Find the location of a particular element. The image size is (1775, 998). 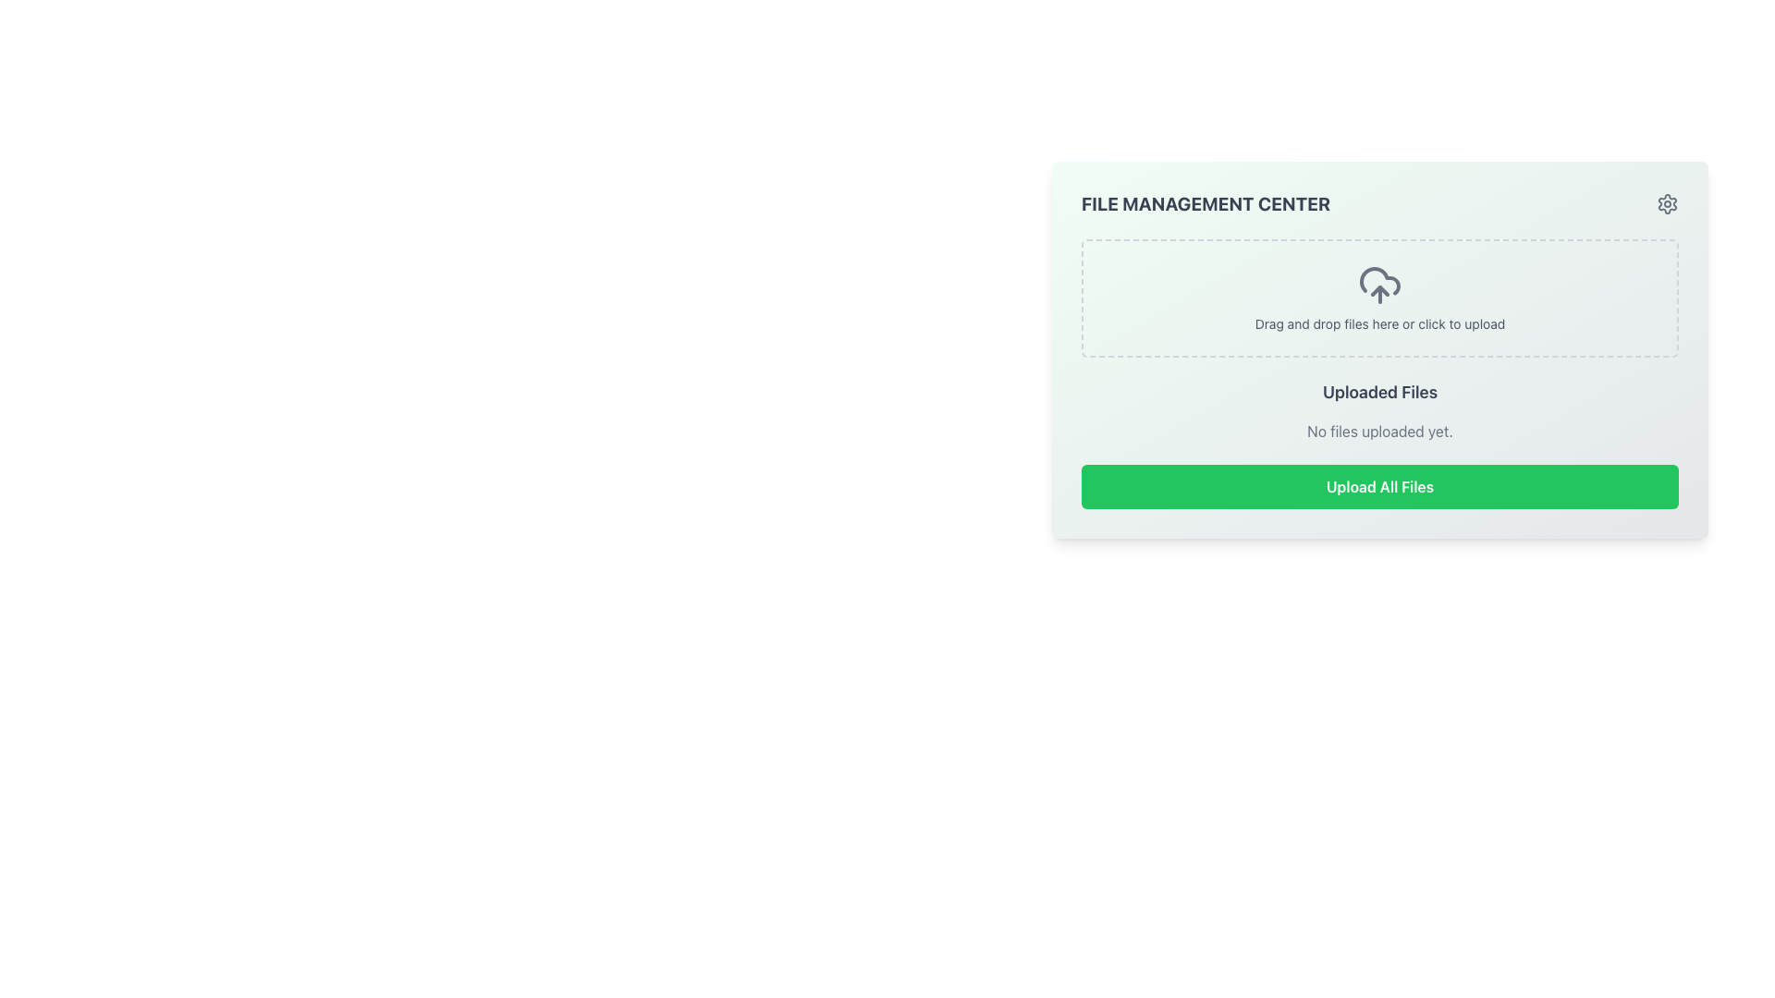

the text heading 'File Management Center' which is styled in uppercase, bold, and gray, located at the top left of the content area is located at coordinates (1206, 203).